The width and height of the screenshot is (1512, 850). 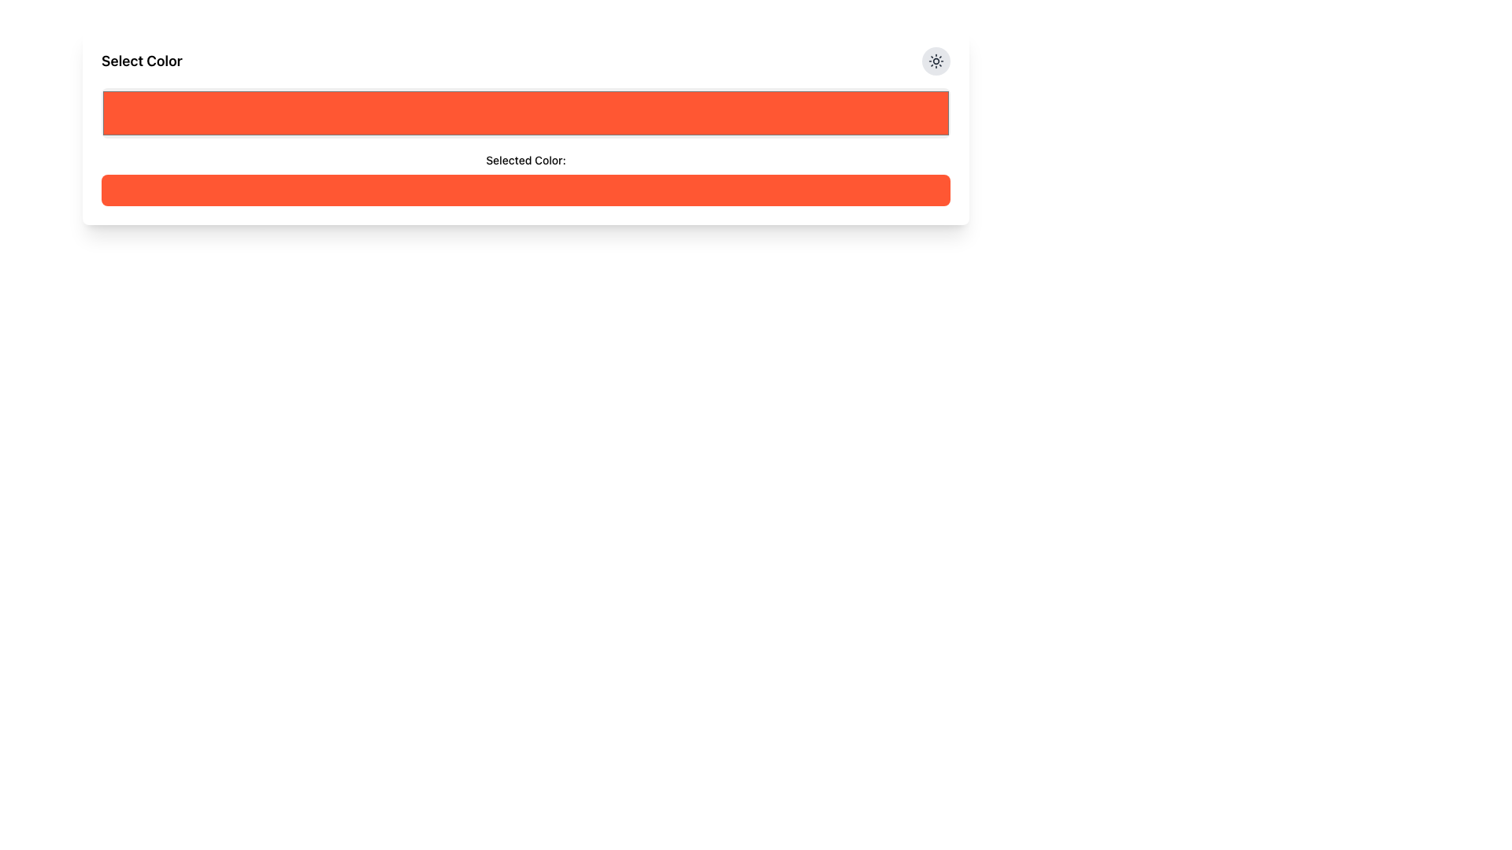 What do you see at coordinates (936, 60) in the screenshot?
I see `the sun icon located in the top-right corner of the card interface` at bounding box center [936, 60].